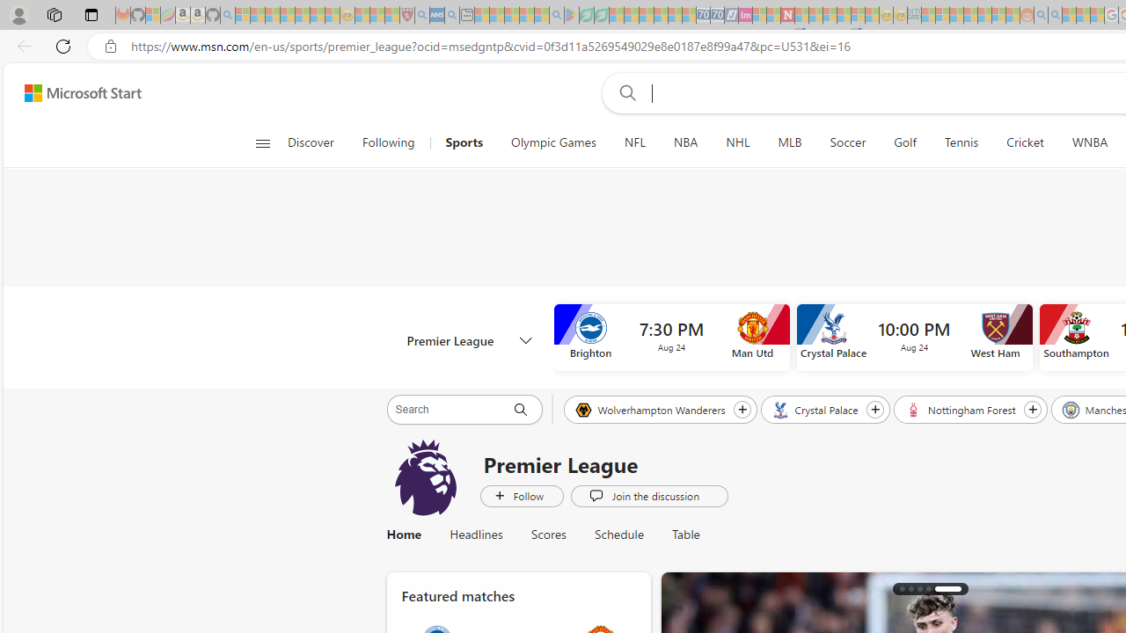 The image size is (1126, 633). I want to click on 'Tennis', so click(961, 142).